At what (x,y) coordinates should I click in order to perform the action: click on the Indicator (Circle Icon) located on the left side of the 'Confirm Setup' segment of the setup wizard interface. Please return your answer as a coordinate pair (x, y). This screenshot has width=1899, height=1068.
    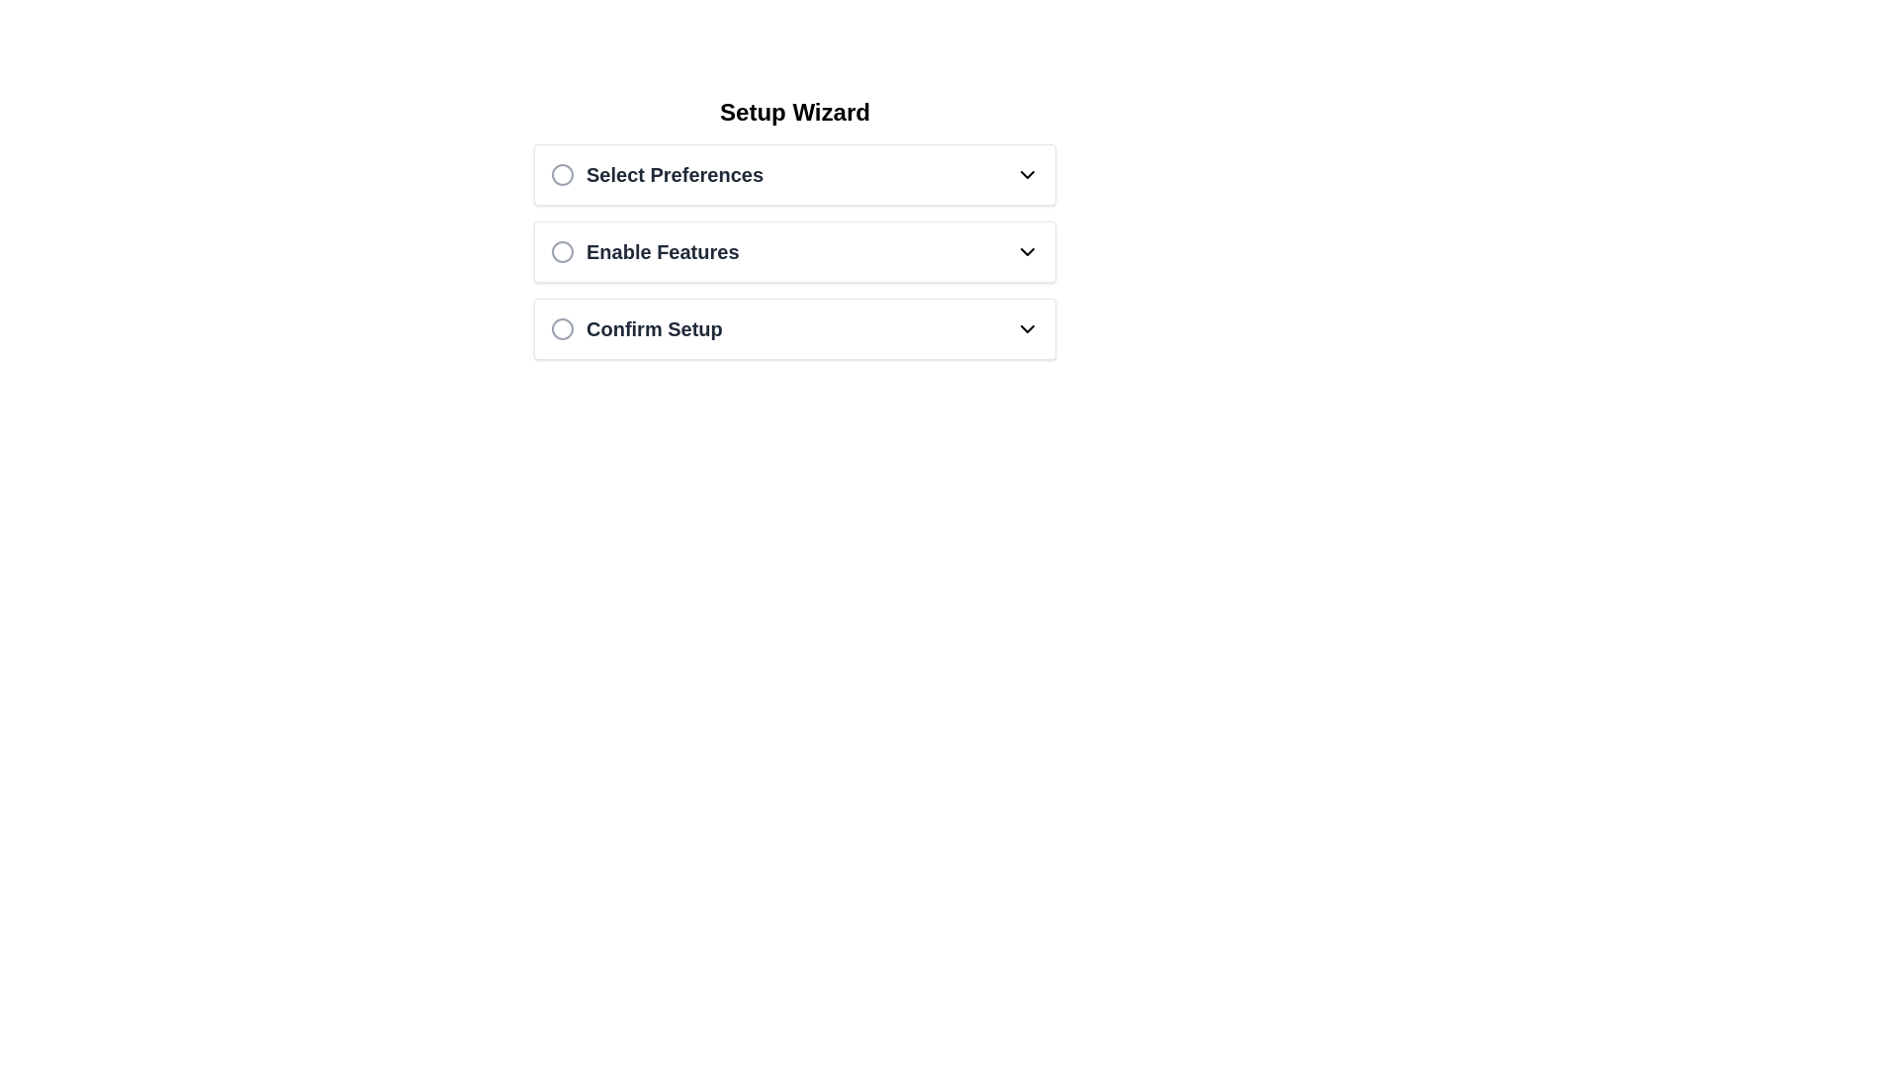
    Looking at the image, I should click on (562, 327).